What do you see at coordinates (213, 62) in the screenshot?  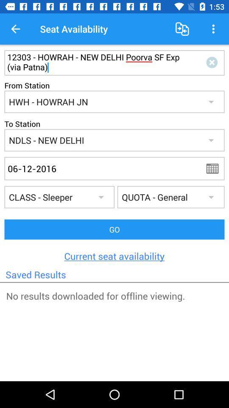 I see `the into icon` at bounding box center [213, 62].